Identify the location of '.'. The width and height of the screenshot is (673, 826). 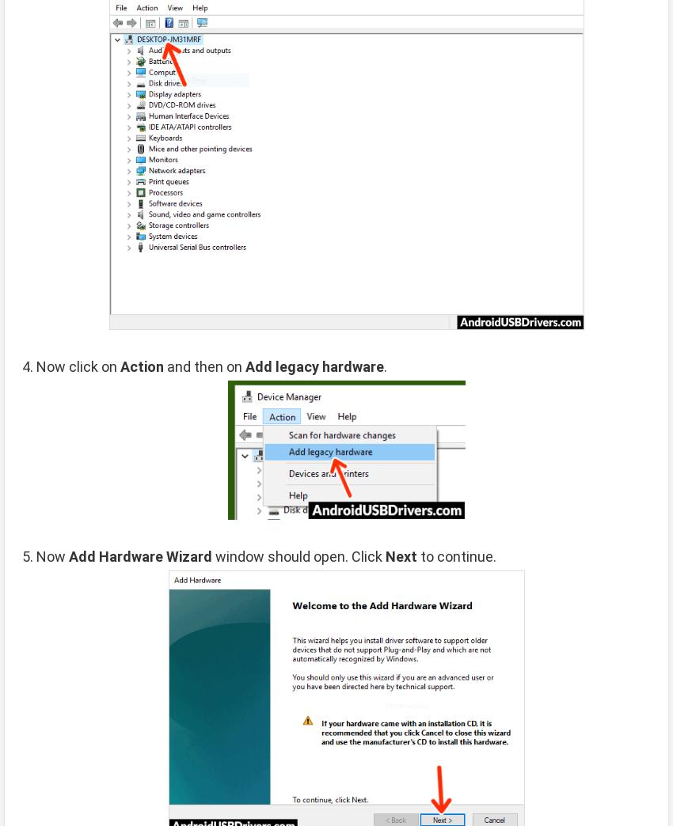
(385, 366).